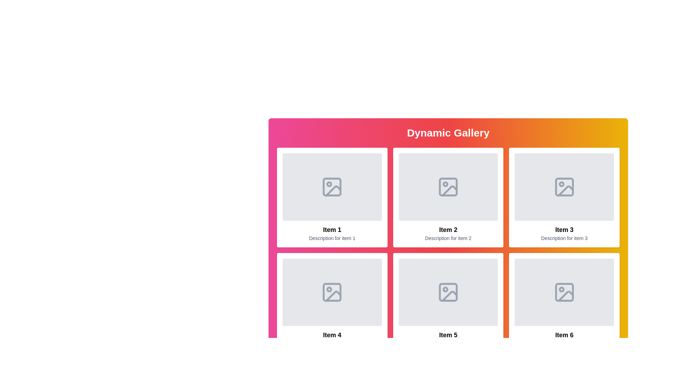 This screenshot has width=674, height=379. What do you see at coordinates (448, 186) in the screenshot?
I see `the decorative rectangle inside the image icon of 'Item 2' in the second column of the dynamic gallery` at bounding box center [448, 186].